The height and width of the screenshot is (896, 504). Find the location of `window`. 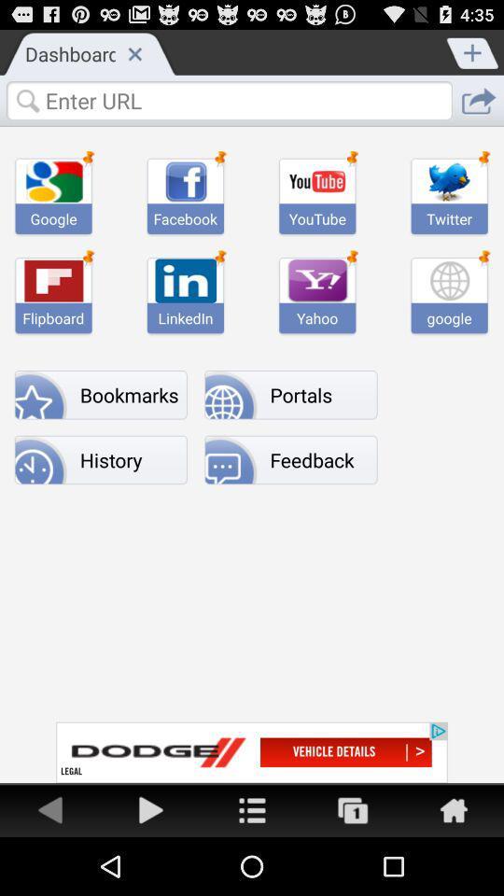

window is located at coordinates (133, 52).